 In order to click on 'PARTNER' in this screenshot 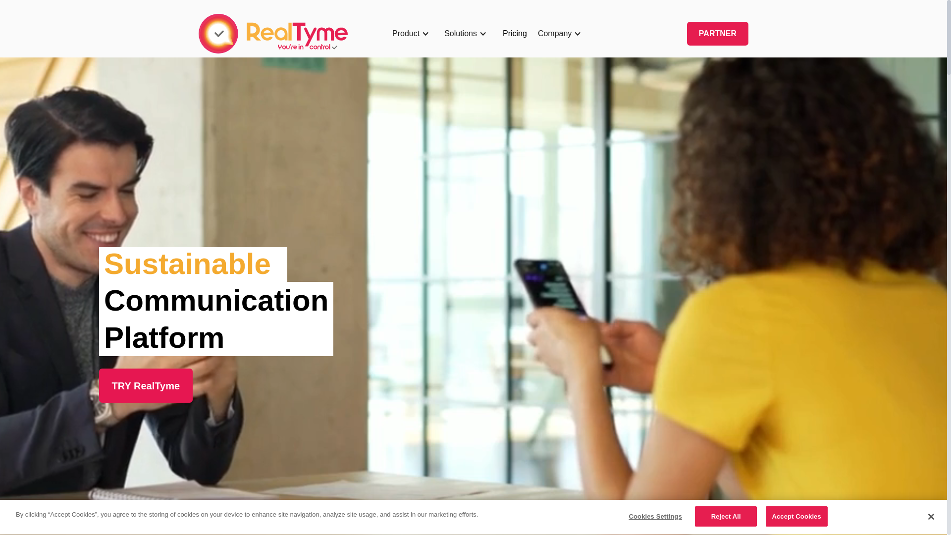, I will do `click(718, 33)`.